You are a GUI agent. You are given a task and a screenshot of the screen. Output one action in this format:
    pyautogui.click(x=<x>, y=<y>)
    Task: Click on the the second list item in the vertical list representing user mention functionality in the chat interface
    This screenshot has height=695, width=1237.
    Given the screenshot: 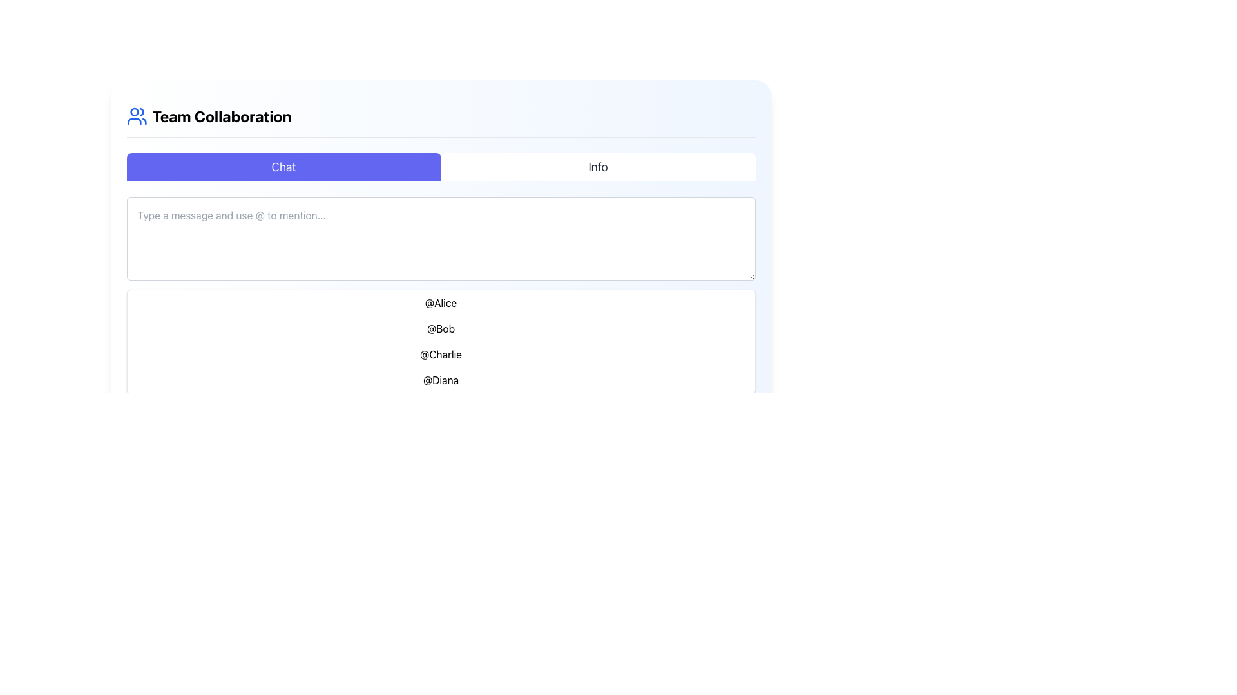 What is the action you would take?
    pyautogui.click(x=441, y=328)
    